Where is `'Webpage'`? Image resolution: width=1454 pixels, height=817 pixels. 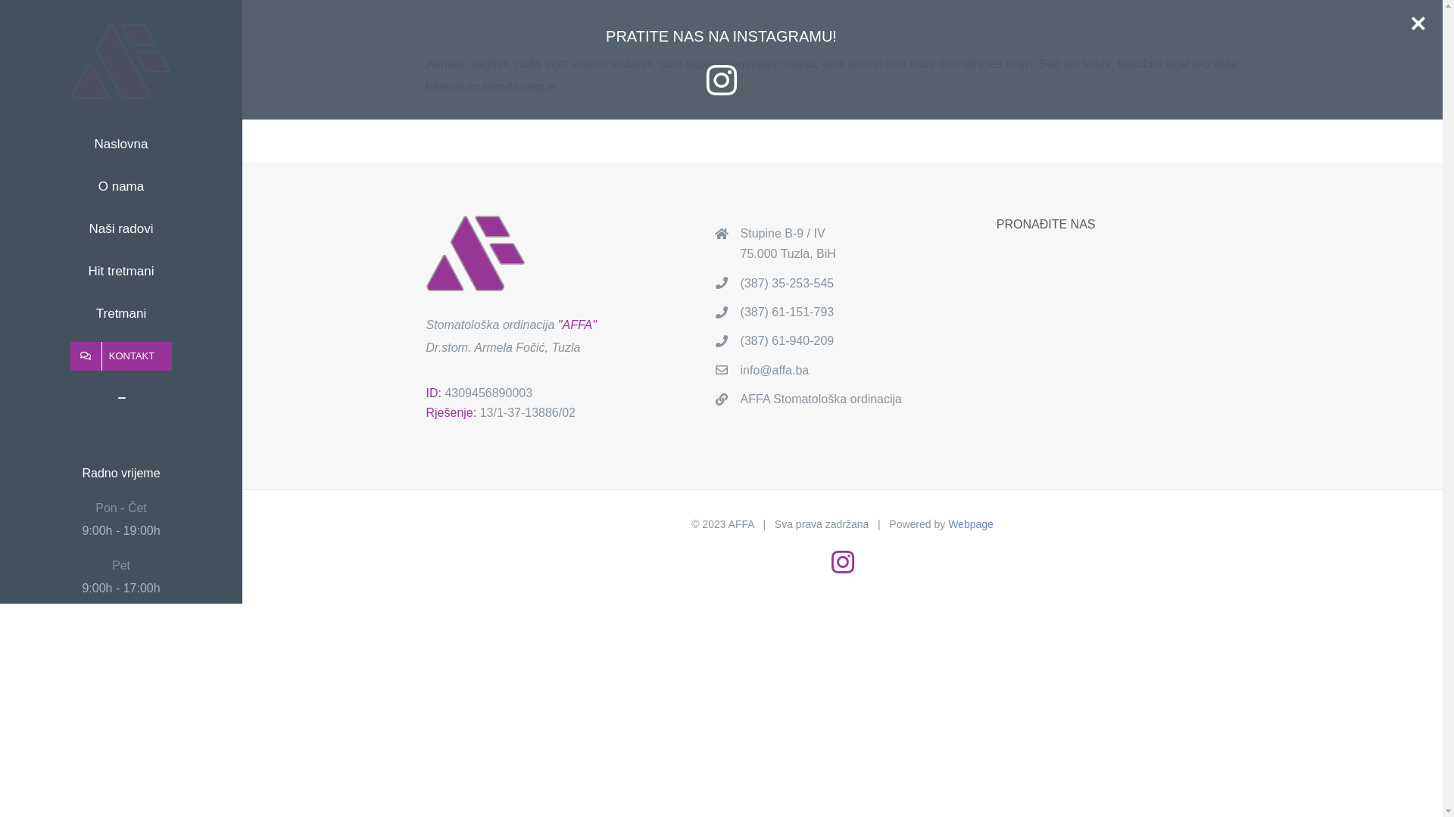 'Webpage' is located at coordinates (970, 523).